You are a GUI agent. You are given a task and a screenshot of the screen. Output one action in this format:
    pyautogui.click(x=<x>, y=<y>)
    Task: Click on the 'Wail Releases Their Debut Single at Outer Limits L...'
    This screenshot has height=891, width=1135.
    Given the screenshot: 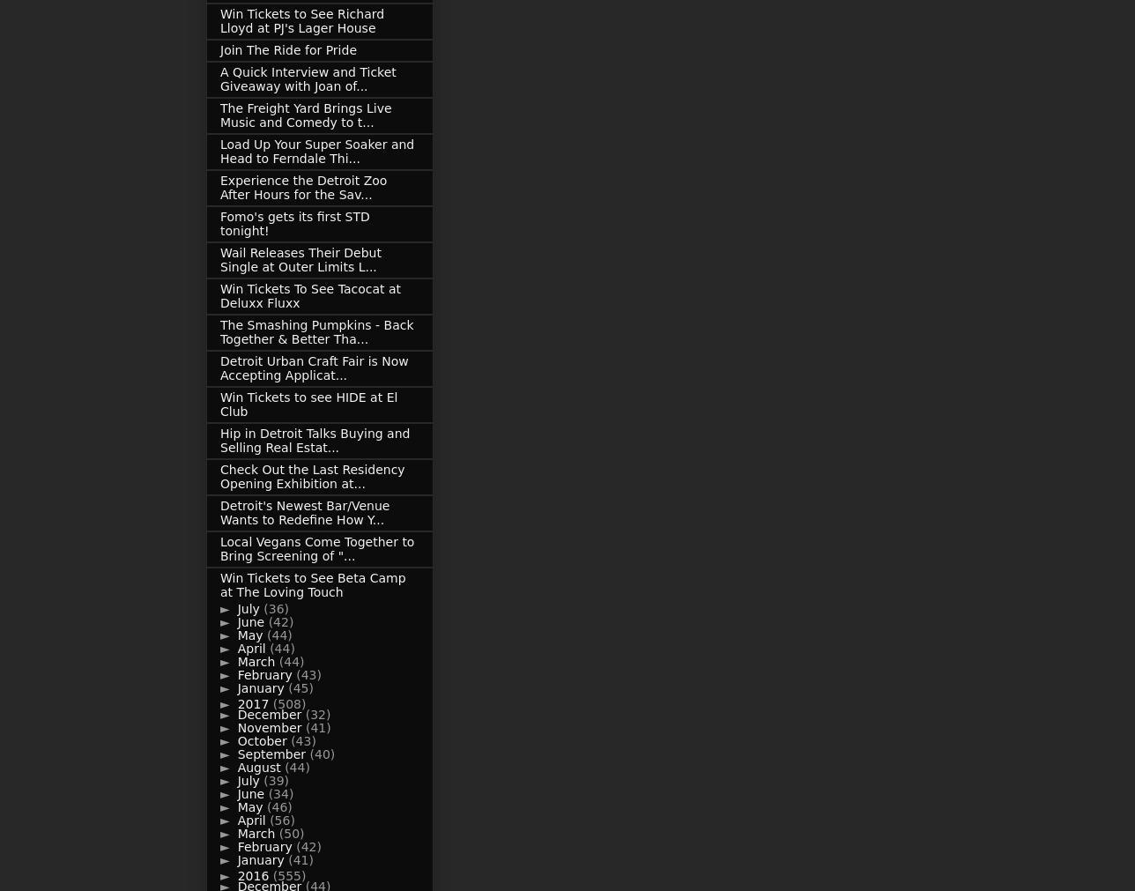 What is the action you would take?
    pyautogui.click(x=300, y=260)
    